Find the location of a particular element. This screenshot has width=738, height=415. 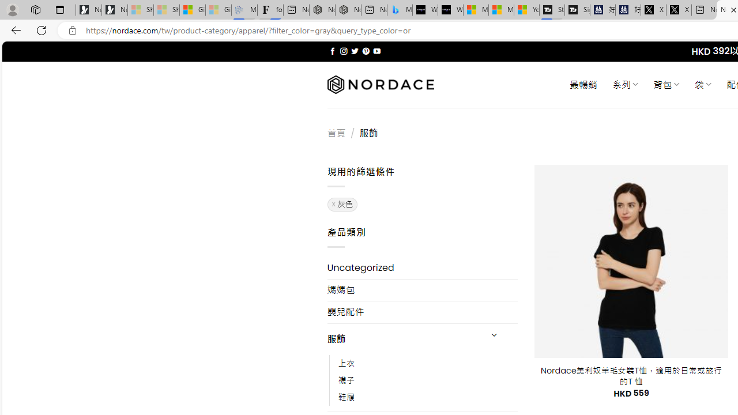

'Streaming Coverage | T3' is located at coordinates (551, 10).